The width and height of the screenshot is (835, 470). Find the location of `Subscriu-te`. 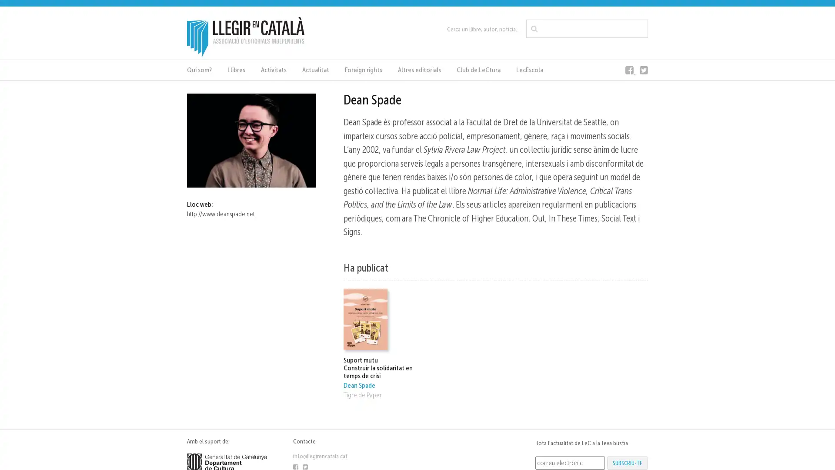

Subscriu-te is located at coordinates (628, 462).